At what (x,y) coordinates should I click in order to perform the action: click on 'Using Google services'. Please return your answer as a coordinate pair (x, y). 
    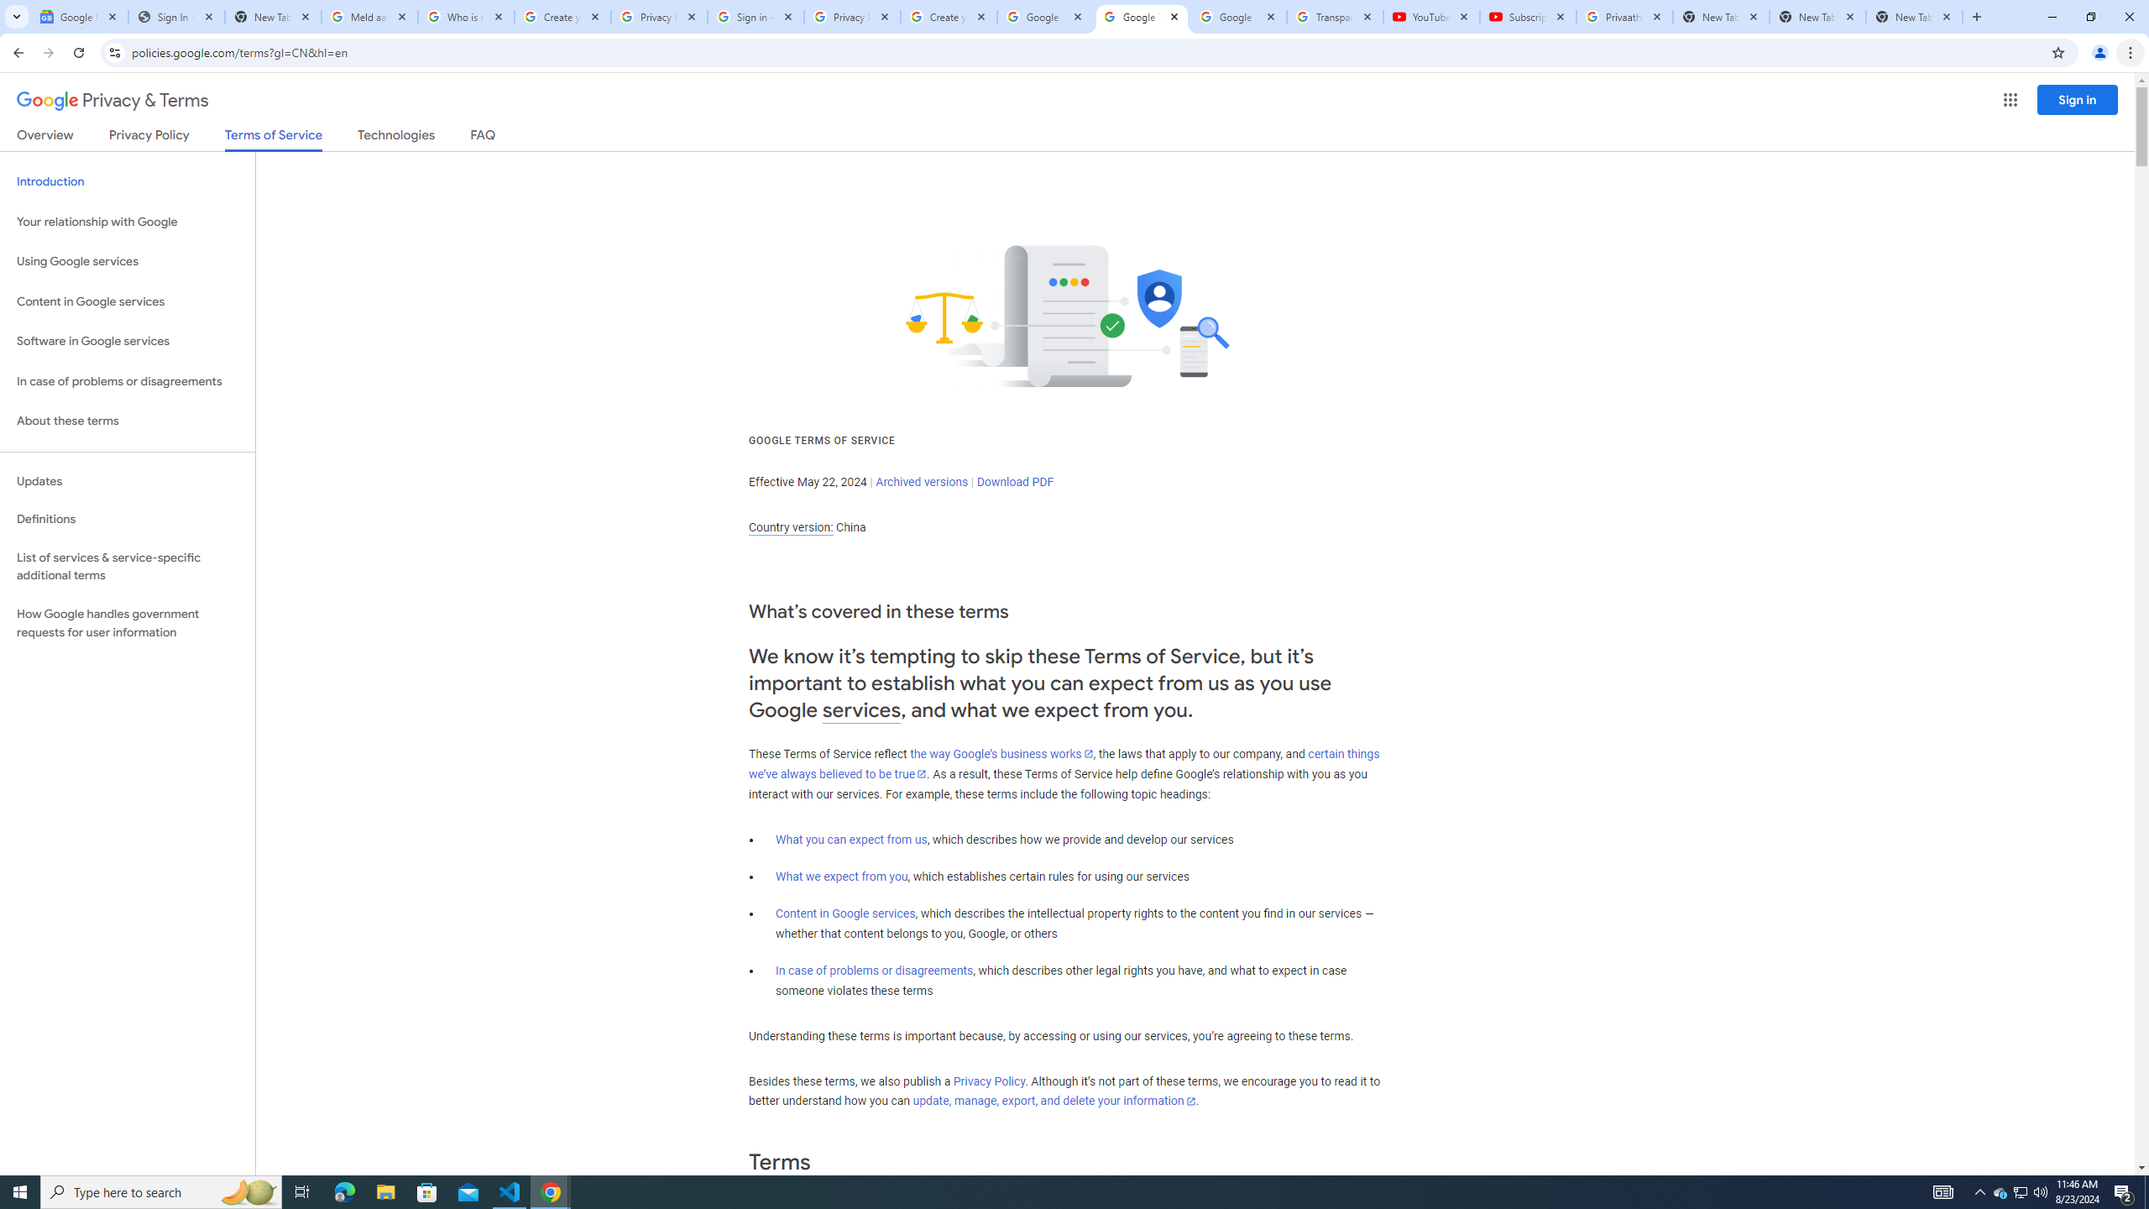
    Looking at the image, I should click on (127, 260).